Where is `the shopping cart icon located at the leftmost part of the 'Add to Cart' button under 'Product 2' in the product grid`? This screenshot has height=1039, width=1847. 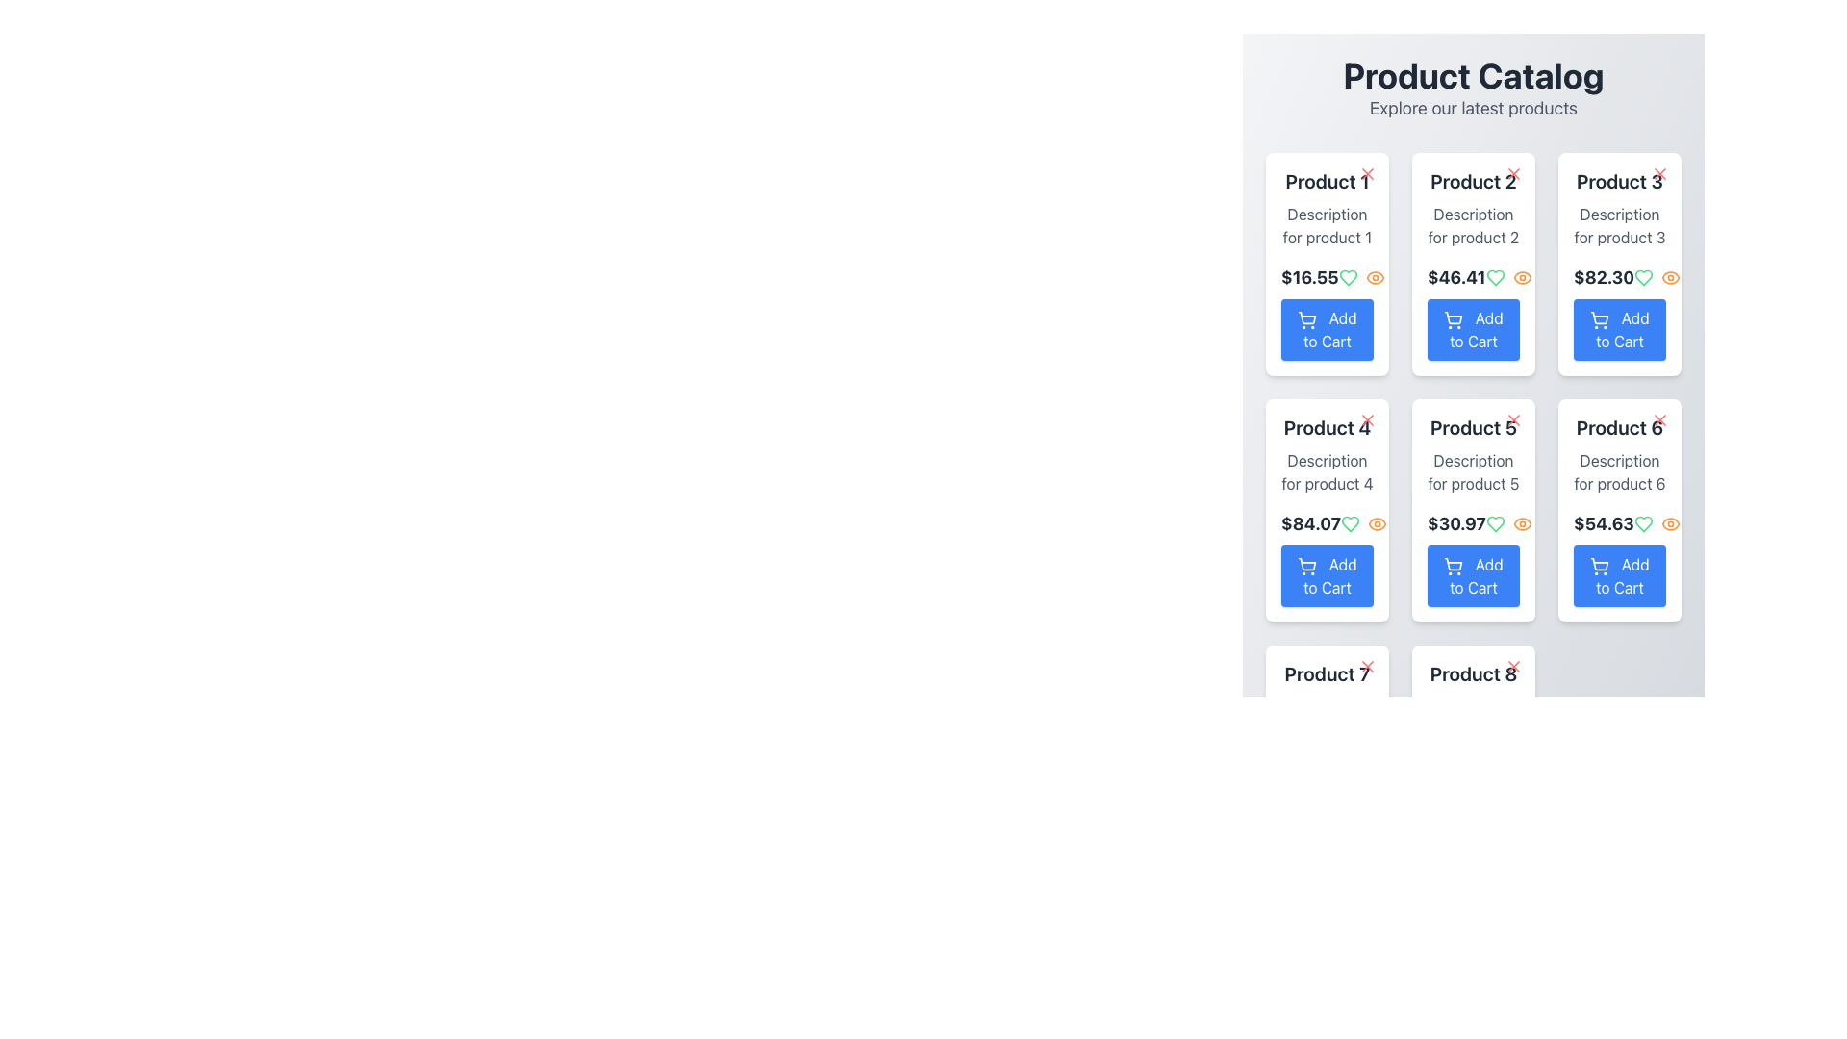 the shopping cart icon located at the leftmost part of the 'Add to Cart' button under 'Product 2' in the product grid is located at coordinates (1454, 318).